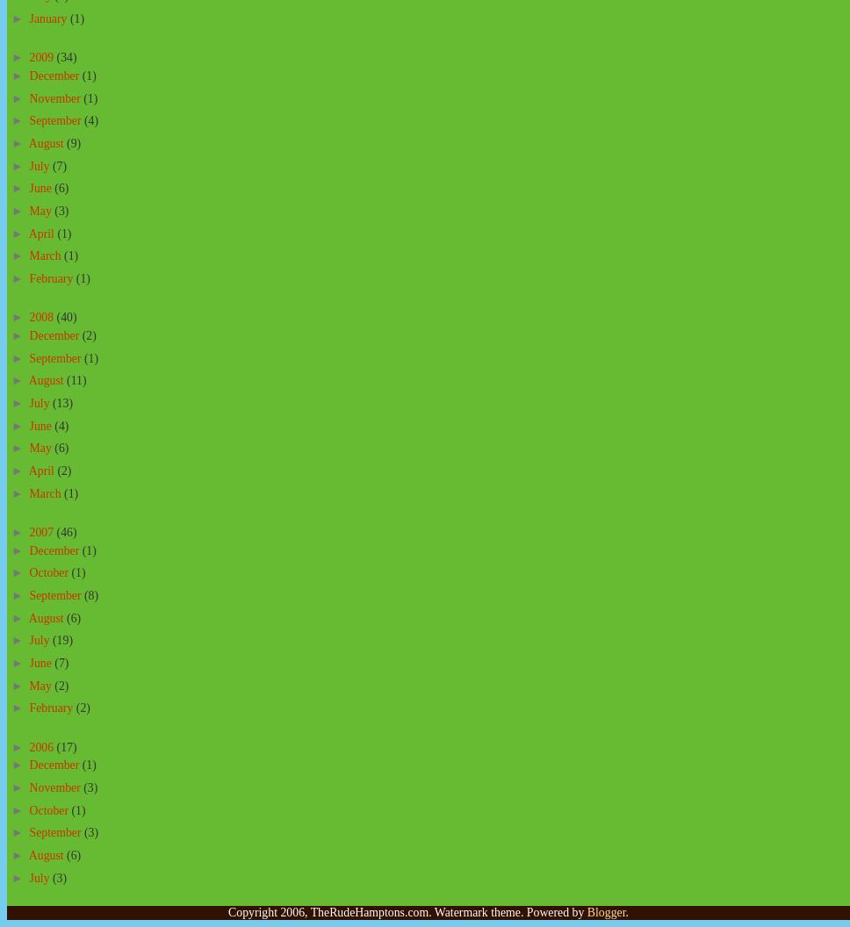 The width and height of the screenshot is (850, 927). Describe the element at coordinates (41, 57) in the screenshot. I see `'2009'` at that location.